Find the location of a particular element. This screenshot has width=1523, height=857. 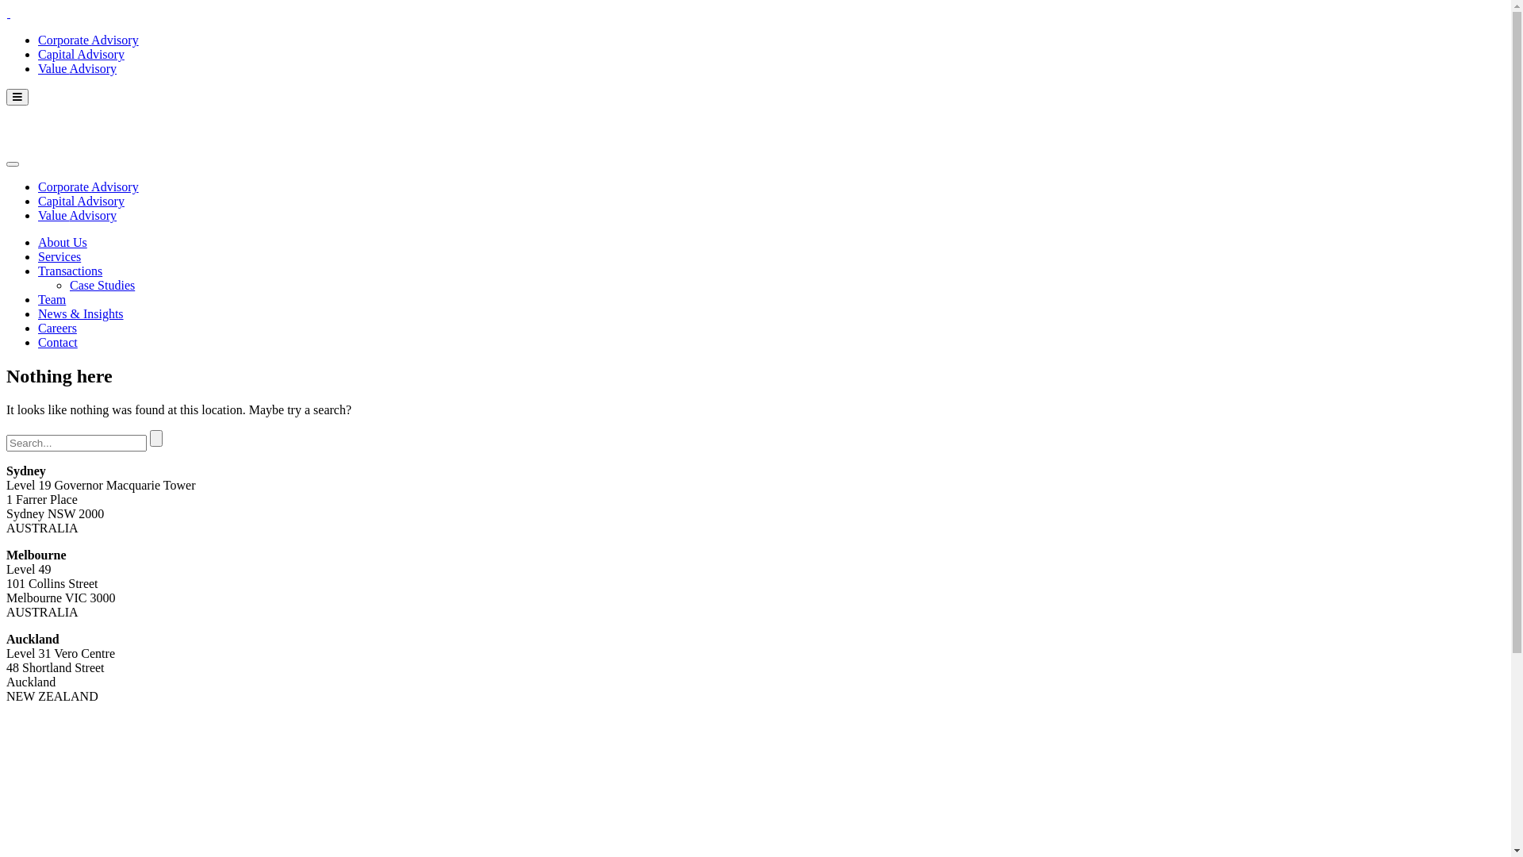

'Capital Advisory' is located at coordinates (80, 53).